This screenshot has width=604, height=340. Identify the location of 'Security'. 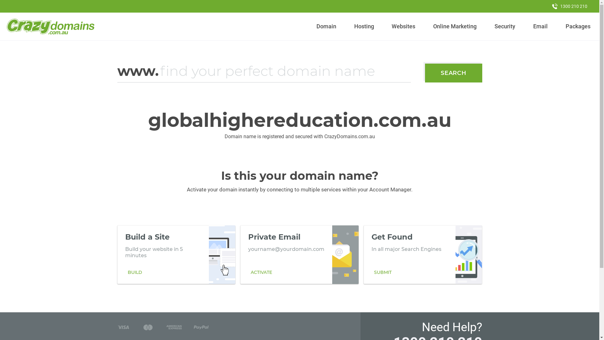
(505, 26).